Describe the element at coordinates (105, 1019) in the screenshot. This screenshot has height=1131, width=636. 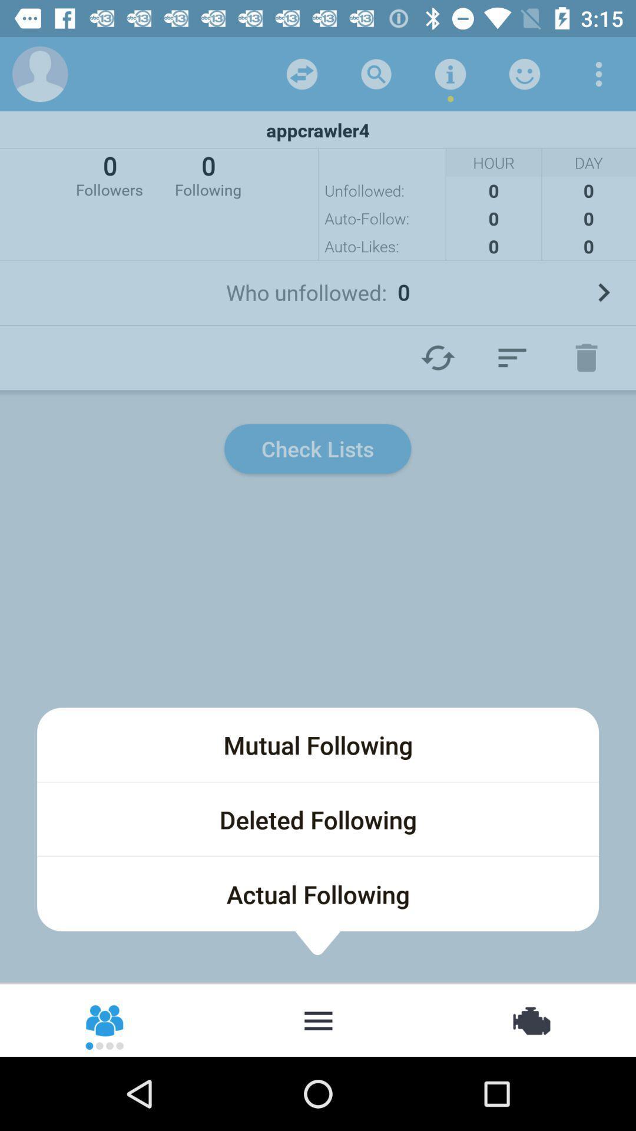
I see `the emoji icon` at that location.